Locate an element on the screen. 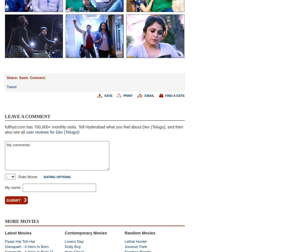 Image resolution: width=282 pixels, height=252 pixels. 'Pyaar Hai Toh Hai' is located at coordinates (20, 241).